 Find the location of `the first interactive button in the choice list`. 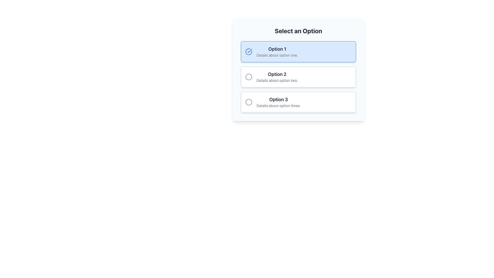

the first interactive button in the choice list is located at coordinates (298, 51).